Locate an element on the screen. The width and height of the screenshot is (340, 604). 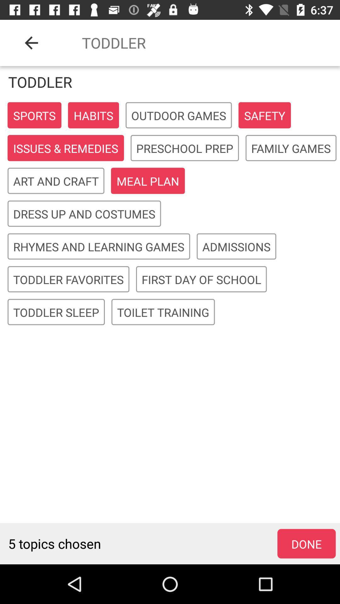
sports is located at coordinates (34, 115).